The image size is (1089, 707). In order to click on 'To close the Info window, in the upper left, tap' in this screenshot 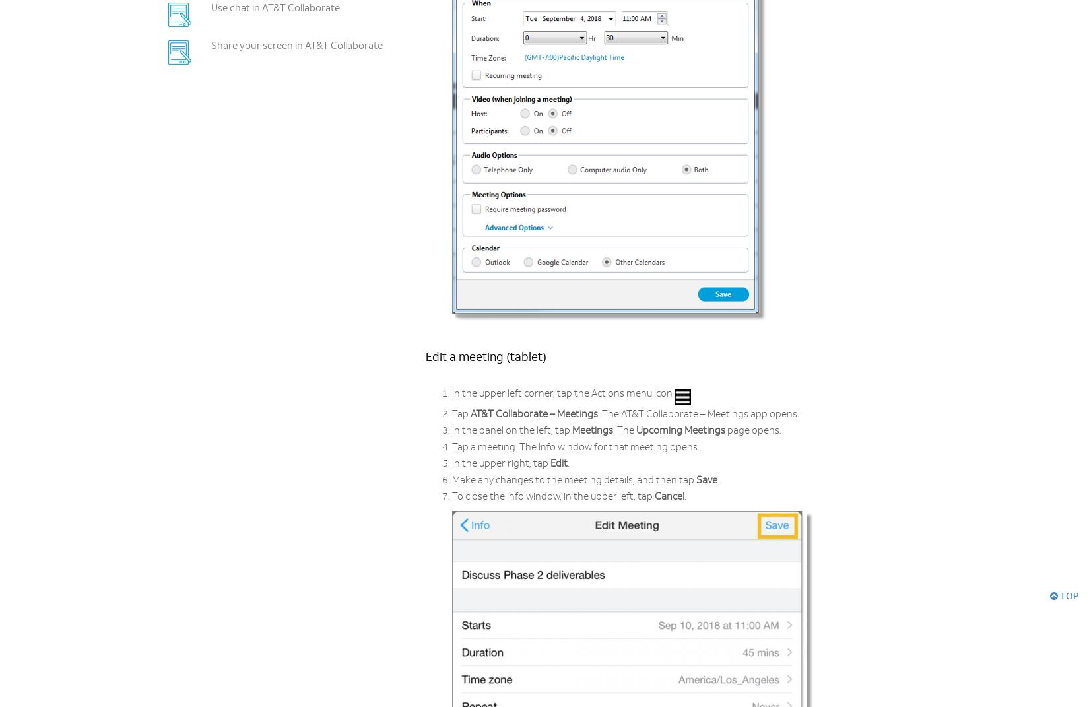, I will do `click(553, 497)`.